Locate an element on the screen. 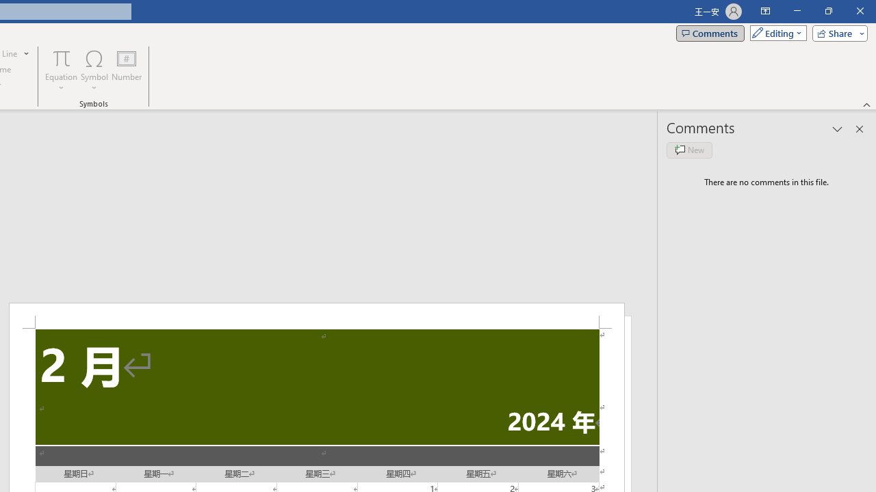 The height and width of the screenshot is (492, 876). 'Comments' is located at coordinates (710, 32).